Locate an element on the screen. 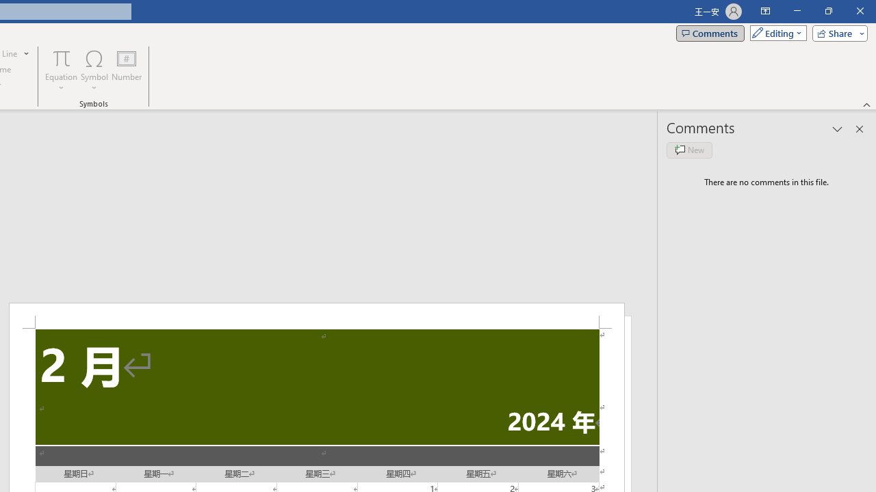 The height and width of the screenshot is (492, 876). 'Comments' is located at coordinates (710, 32).